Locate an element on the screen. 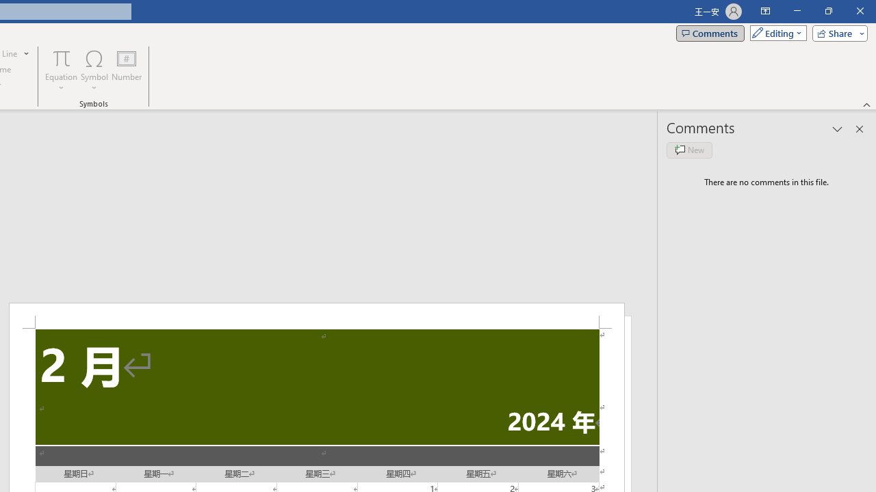 The height and width of the screenshot is (492, 876). 'Comments' is located at coordinates (710, 32).